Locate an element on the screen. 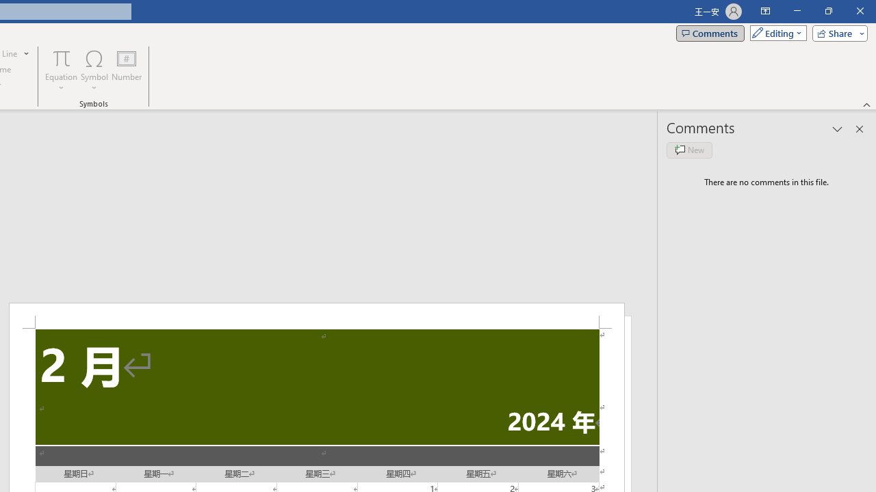 The height and width of the screenshot is (492, 876). 'Comments' is located at coordinates (710, 32).